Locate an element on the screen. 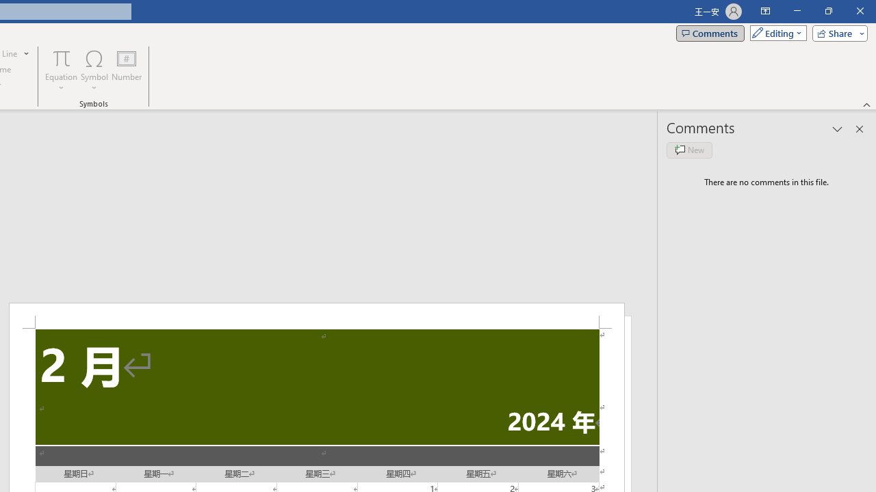 The height and width of the screenshot is (492, 876). 'Comments' is located at coordinates (710, 32).